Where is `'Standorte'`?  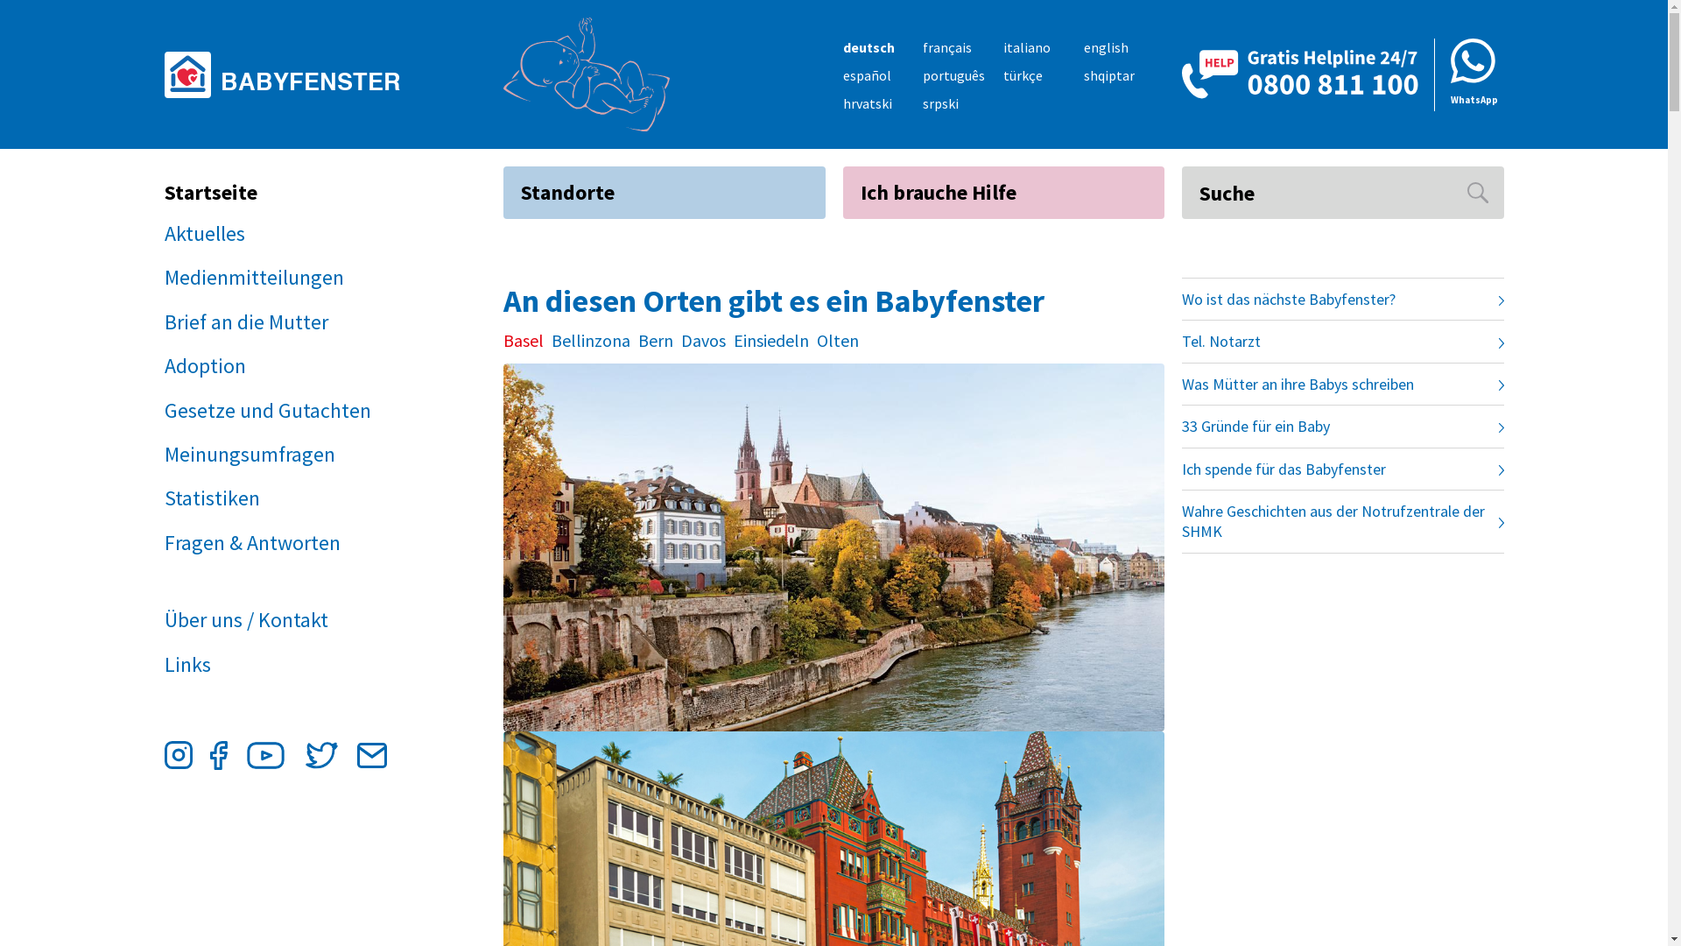 'Standorte' is located at coordinates (663, 192).